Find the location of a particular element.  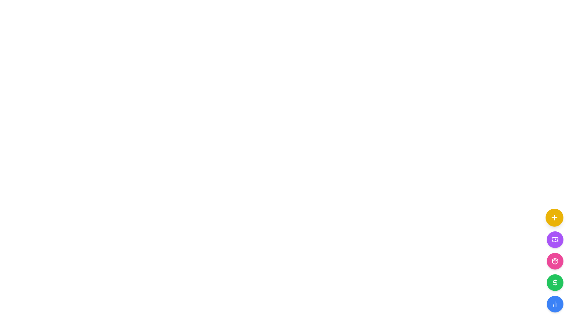

the blue circular button containing the bar chart icon at the bottom of the vertical stack is located at coordinates (555, 304).